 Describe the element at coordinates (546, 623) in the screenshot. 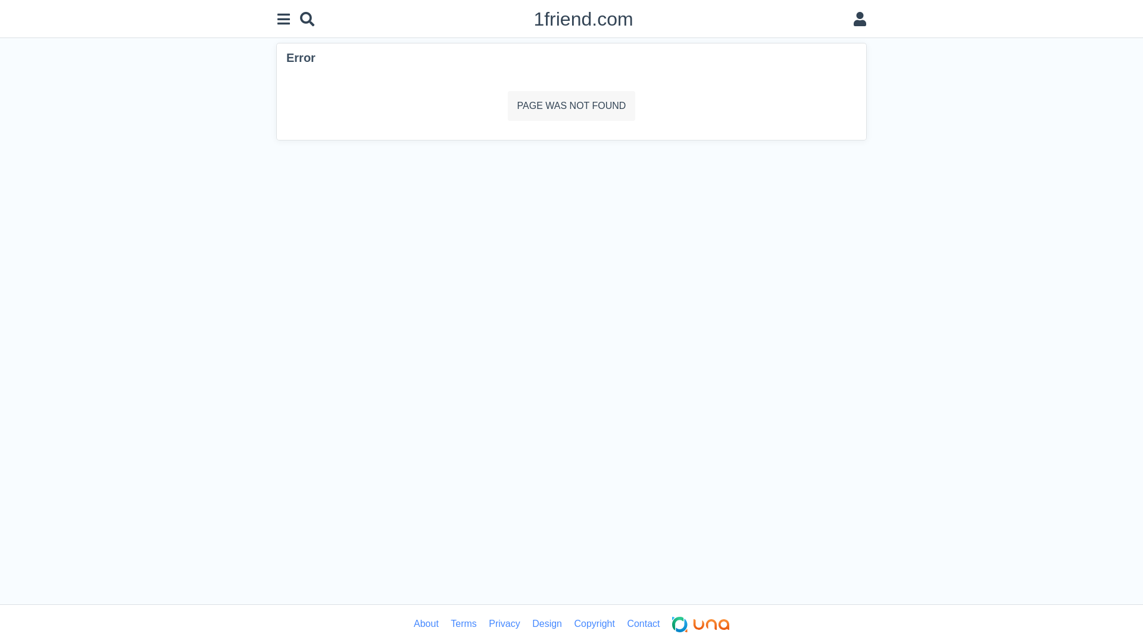

I see `'Design'` at that location.